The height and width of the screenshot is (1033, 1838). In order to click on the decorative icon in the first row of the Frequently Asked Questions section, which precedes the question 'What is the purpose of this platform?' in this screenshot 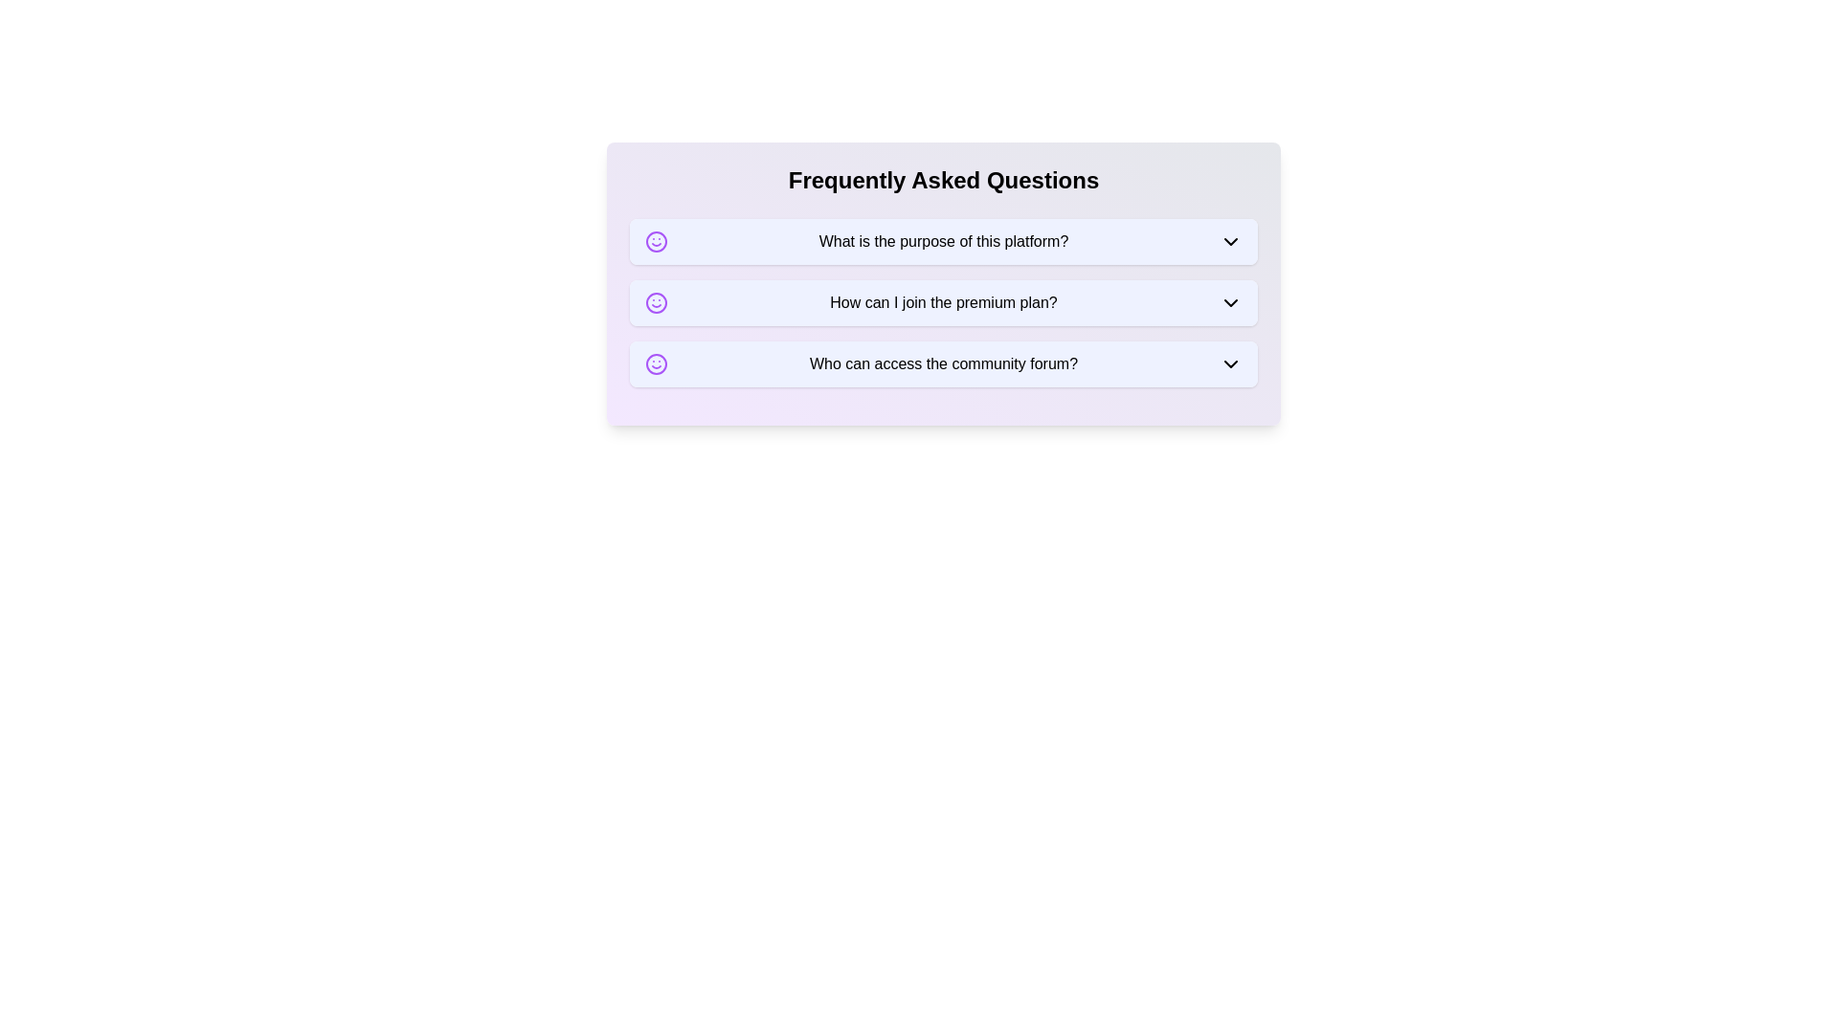, I will do `click(657, 241)`.